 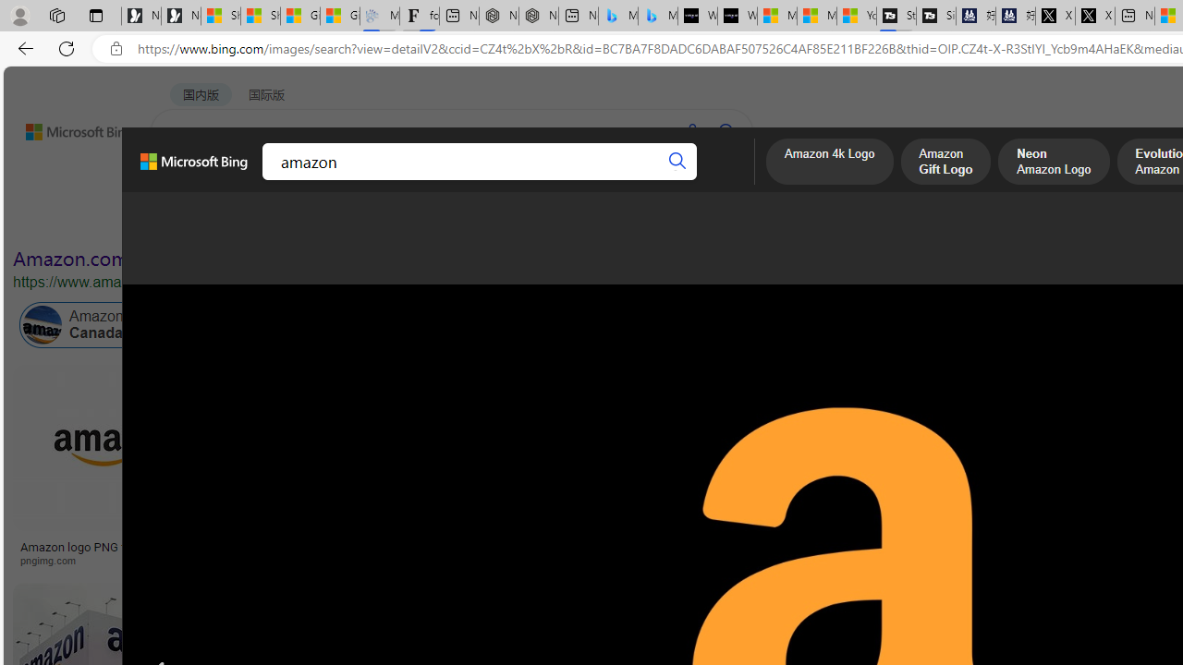 I want to click on 'Amazon Gift Logo', so click(x=945, y=163).